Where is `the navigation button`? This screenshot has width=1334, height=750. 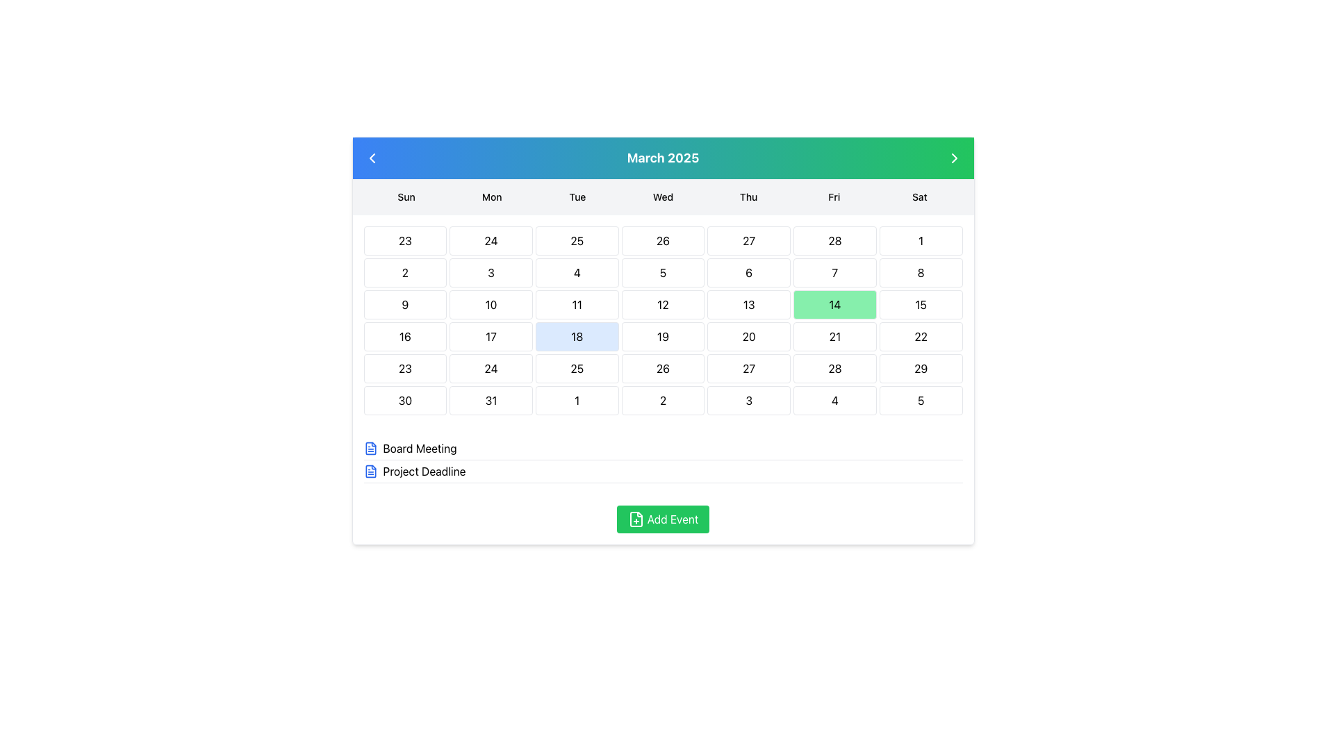 the navigation button is located at coordinates (953, 157).